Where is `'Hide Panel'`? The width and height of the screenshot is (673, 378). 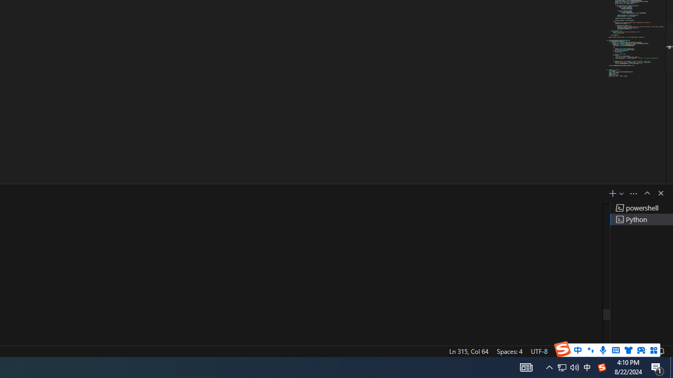
'Hide Panel' is located at coordinates (660, 193).